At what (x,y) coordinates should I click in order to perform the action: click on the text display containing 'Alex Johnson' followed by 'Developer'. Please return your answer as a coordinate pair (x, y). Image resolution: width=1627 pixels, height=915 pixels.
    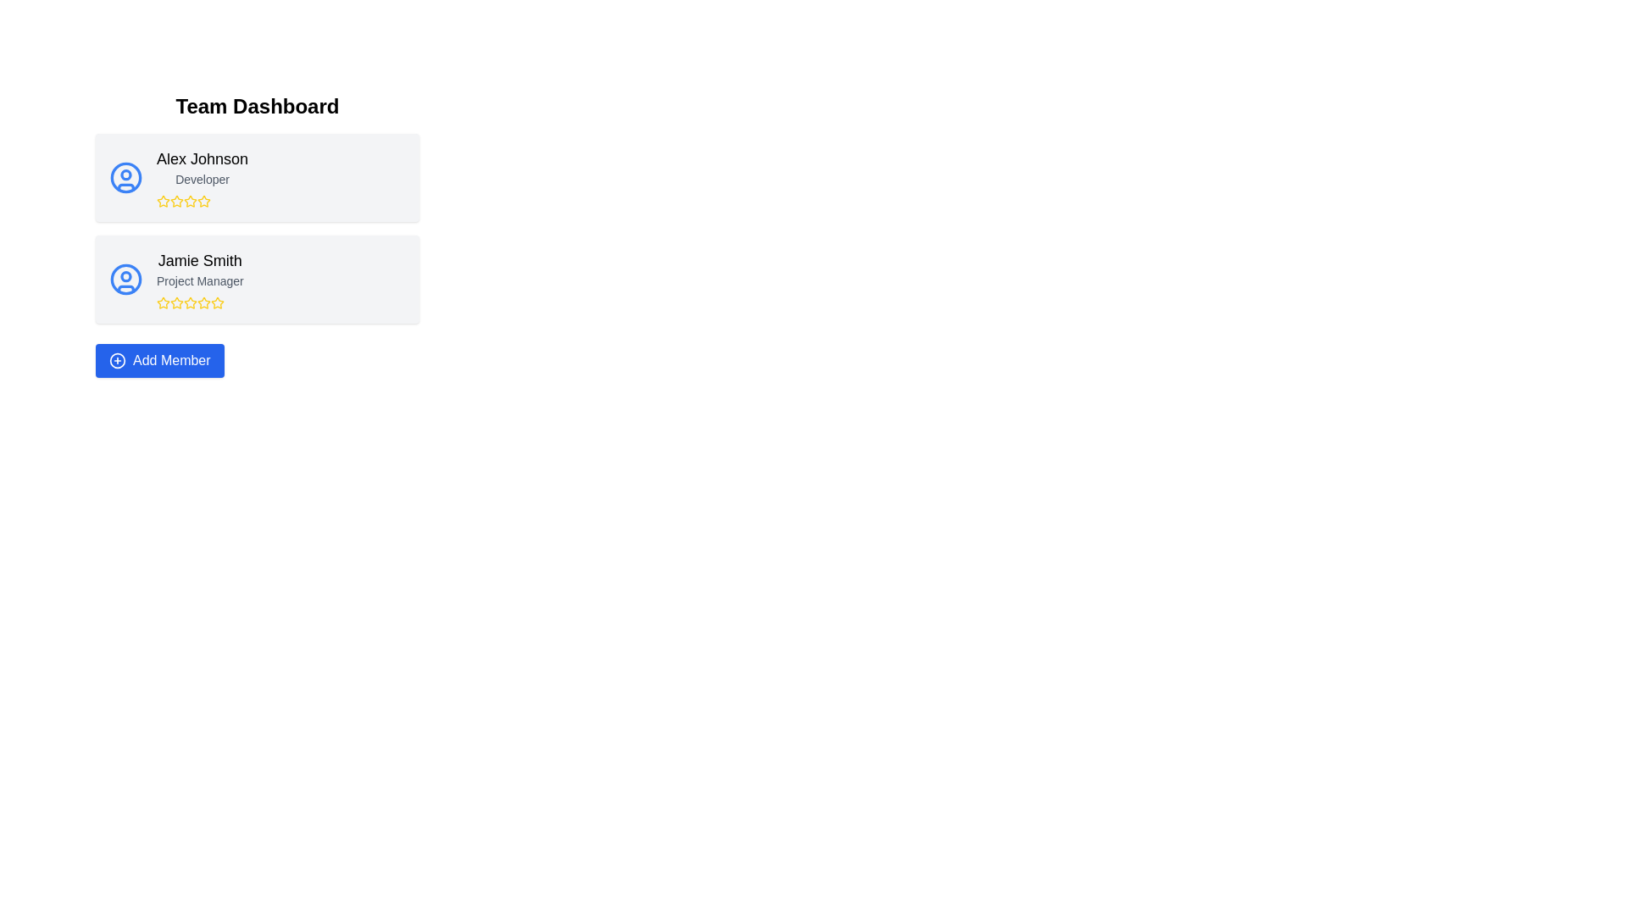
    Looking at the image, I should click on (203, 177).